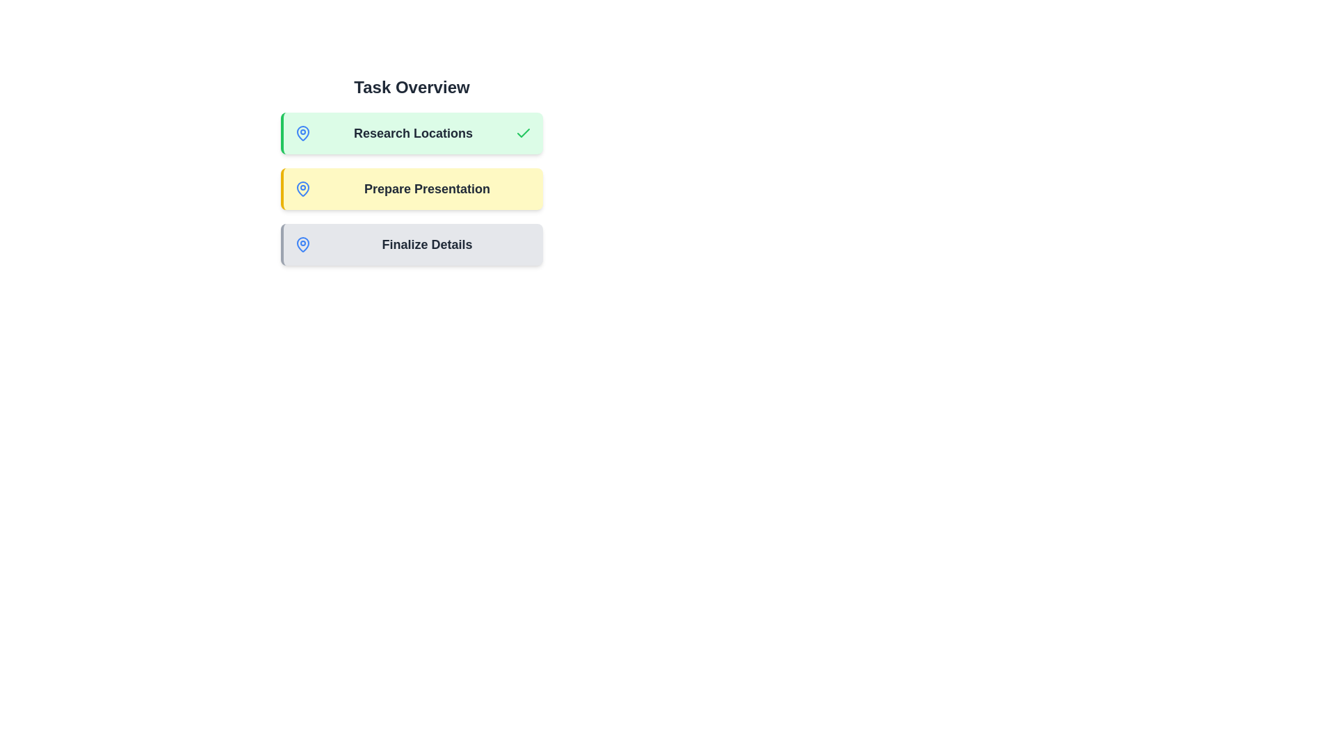 This screenshot has height=751, width=1335. I want to click on the task chip of Research Locations, so click(411, 134).